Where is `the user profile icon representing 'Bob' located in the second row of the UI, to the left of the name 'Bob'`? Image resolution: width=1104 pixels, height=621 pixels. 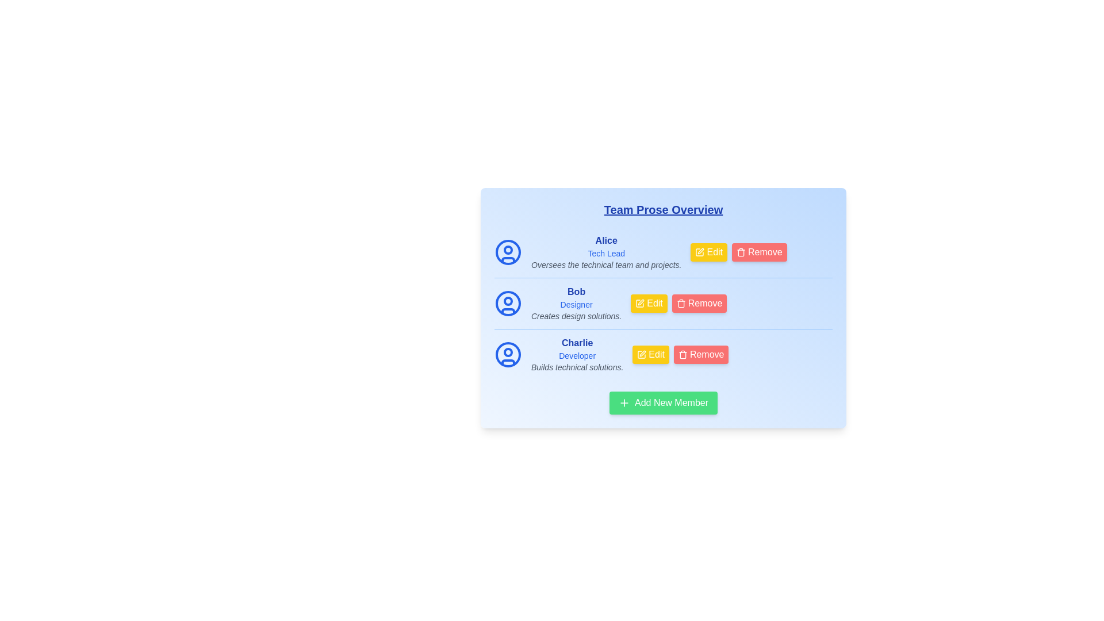 the user profile icon representing 'Bob' located in the second row of the UI, to the left of the name 'Bob' is located at coordinates (507, 303).